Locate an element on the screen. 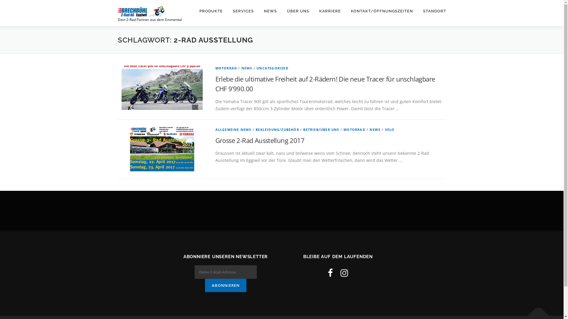 The height and width of the screenshot is (319, 568). 'UNCATEGORIZED' is located at coordinates (256, 68).